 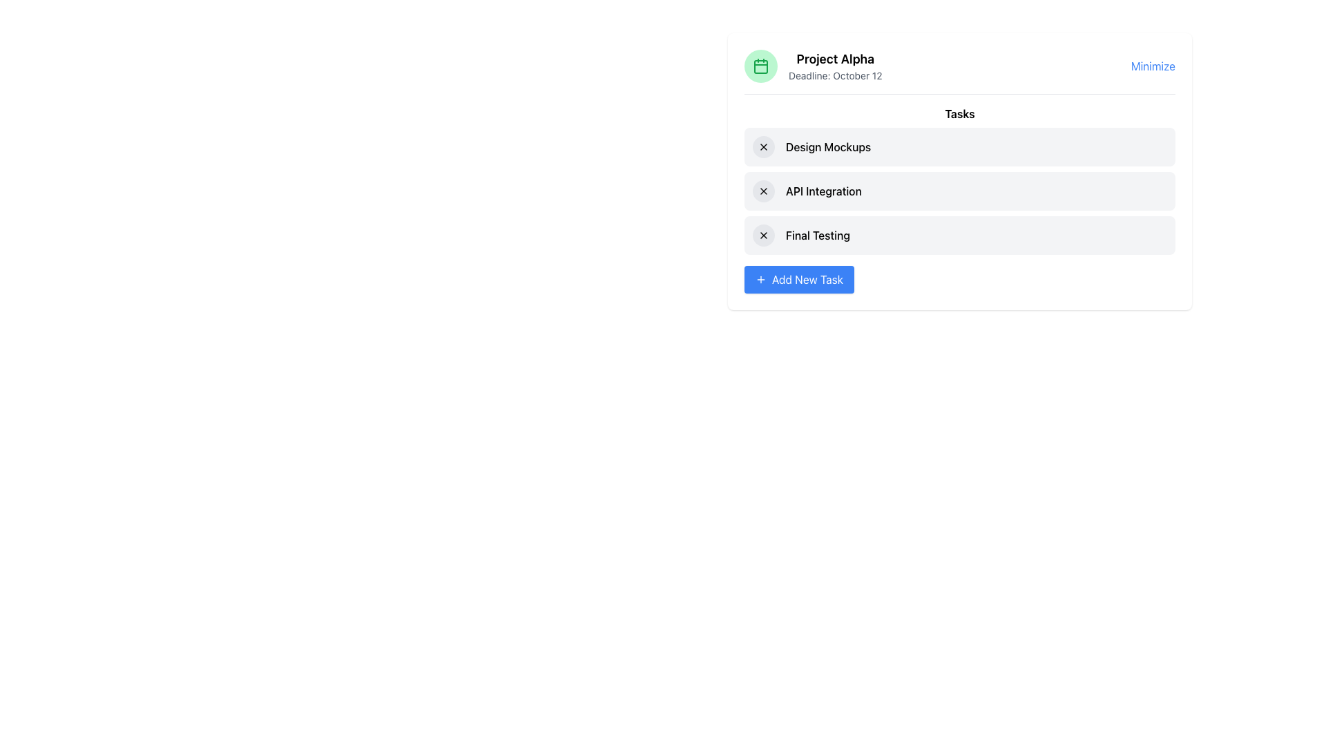 What do you see at coordinates (760, 280) in the screenshot?
I see `the 'Add New Task' icon, which is a graphical icon indicating the addition of a new task, located within the blue button aligned to the left of the text` at bounding box center [760, 280].